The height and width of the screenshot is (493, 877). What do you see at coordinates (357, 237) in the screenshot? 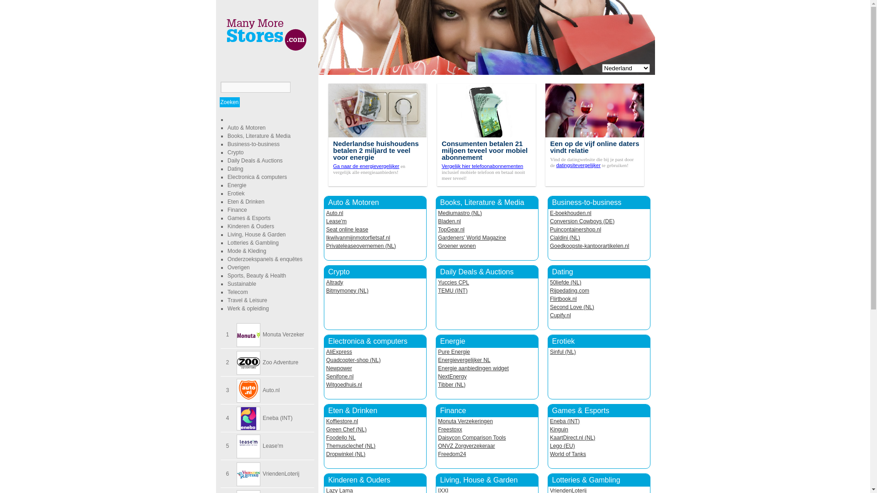
I see `'Ikwilvanmijnmotorfietsaf.nl'` at bounding box center [357, 237].